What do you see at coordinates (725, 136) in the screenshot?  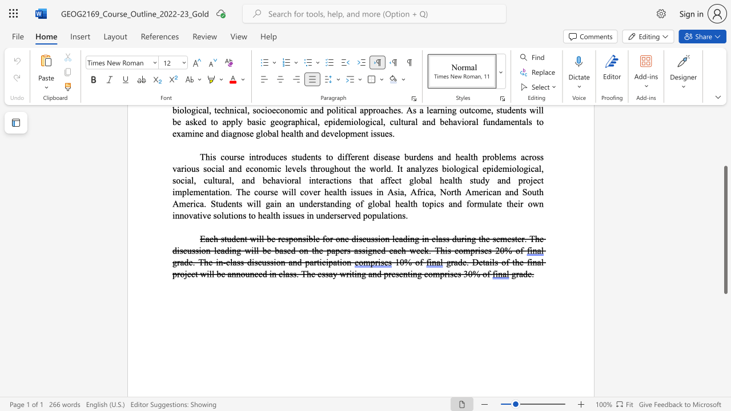 I see `the page's right scrollbar for upward movement` at bounding box center [725, 136].